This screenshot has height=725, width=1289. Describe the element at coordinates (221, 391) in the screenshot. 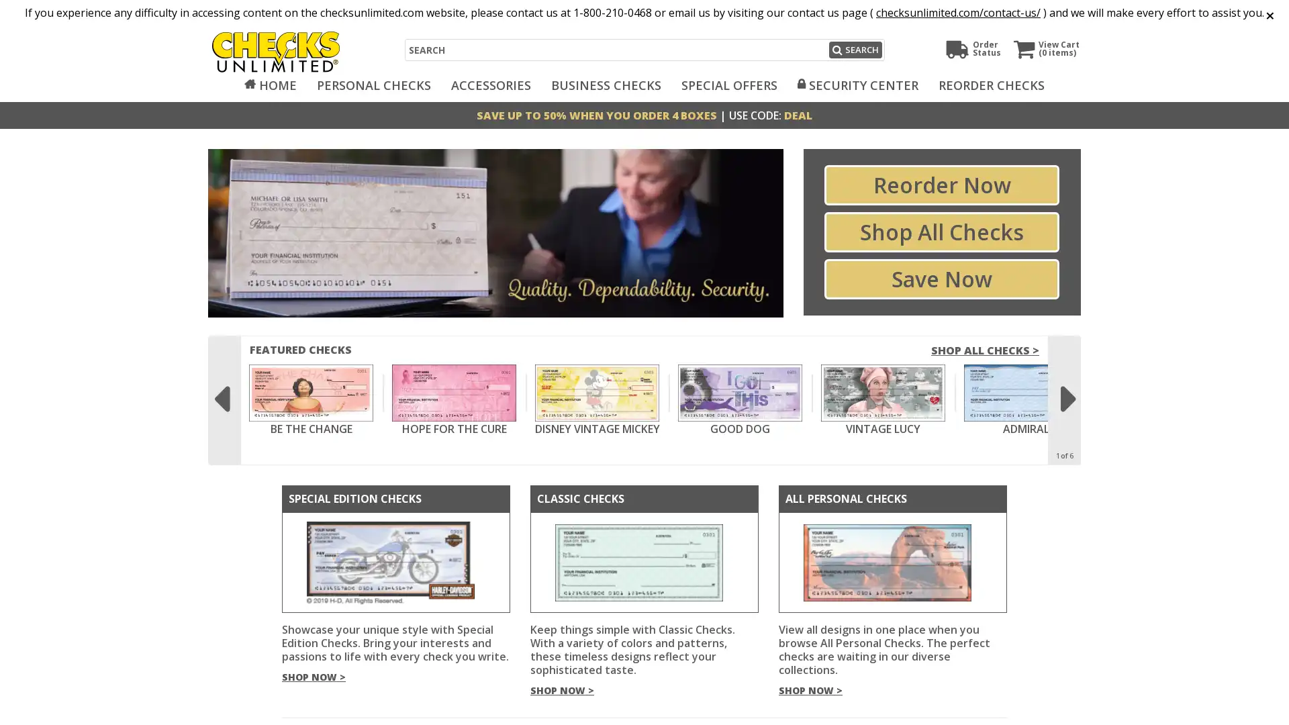

I see `Previous` at that location.